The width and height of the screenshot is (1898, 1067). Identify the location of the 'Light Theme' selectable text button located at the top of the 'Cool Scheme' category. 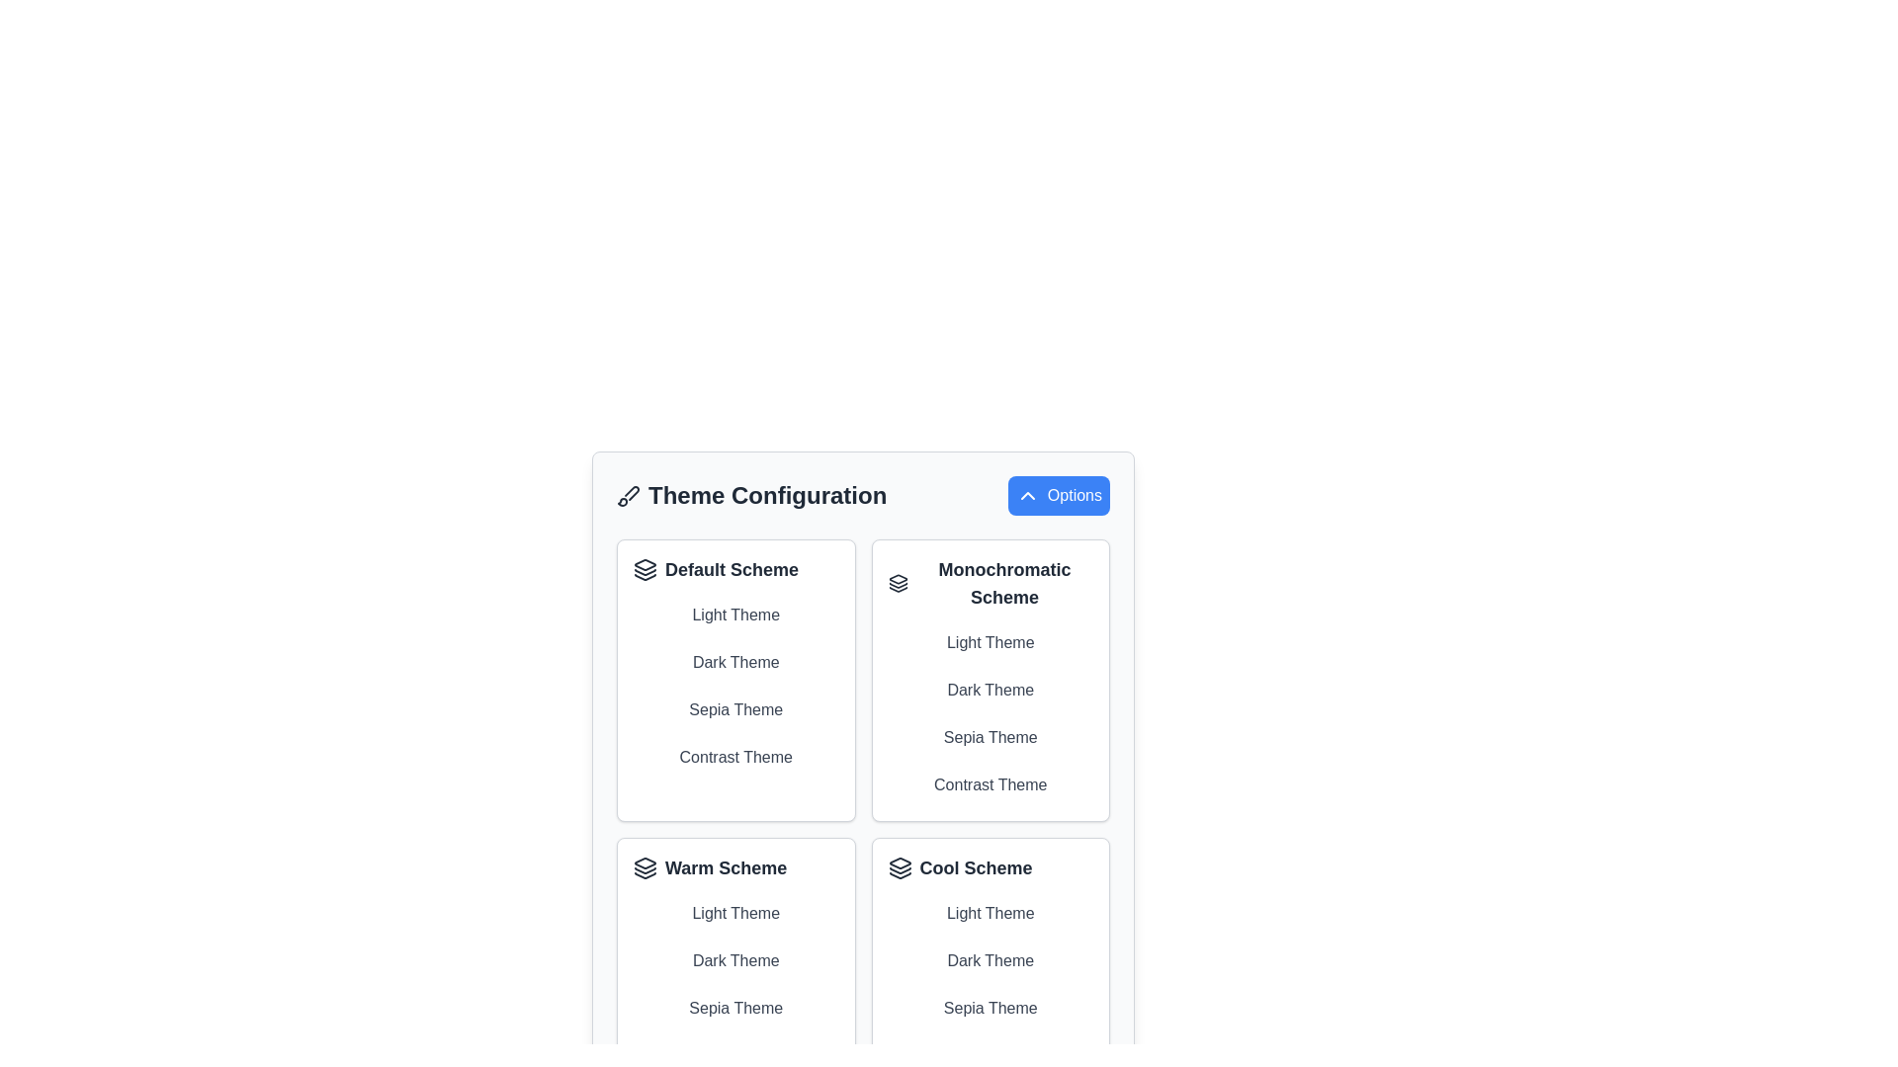
(991, 914).